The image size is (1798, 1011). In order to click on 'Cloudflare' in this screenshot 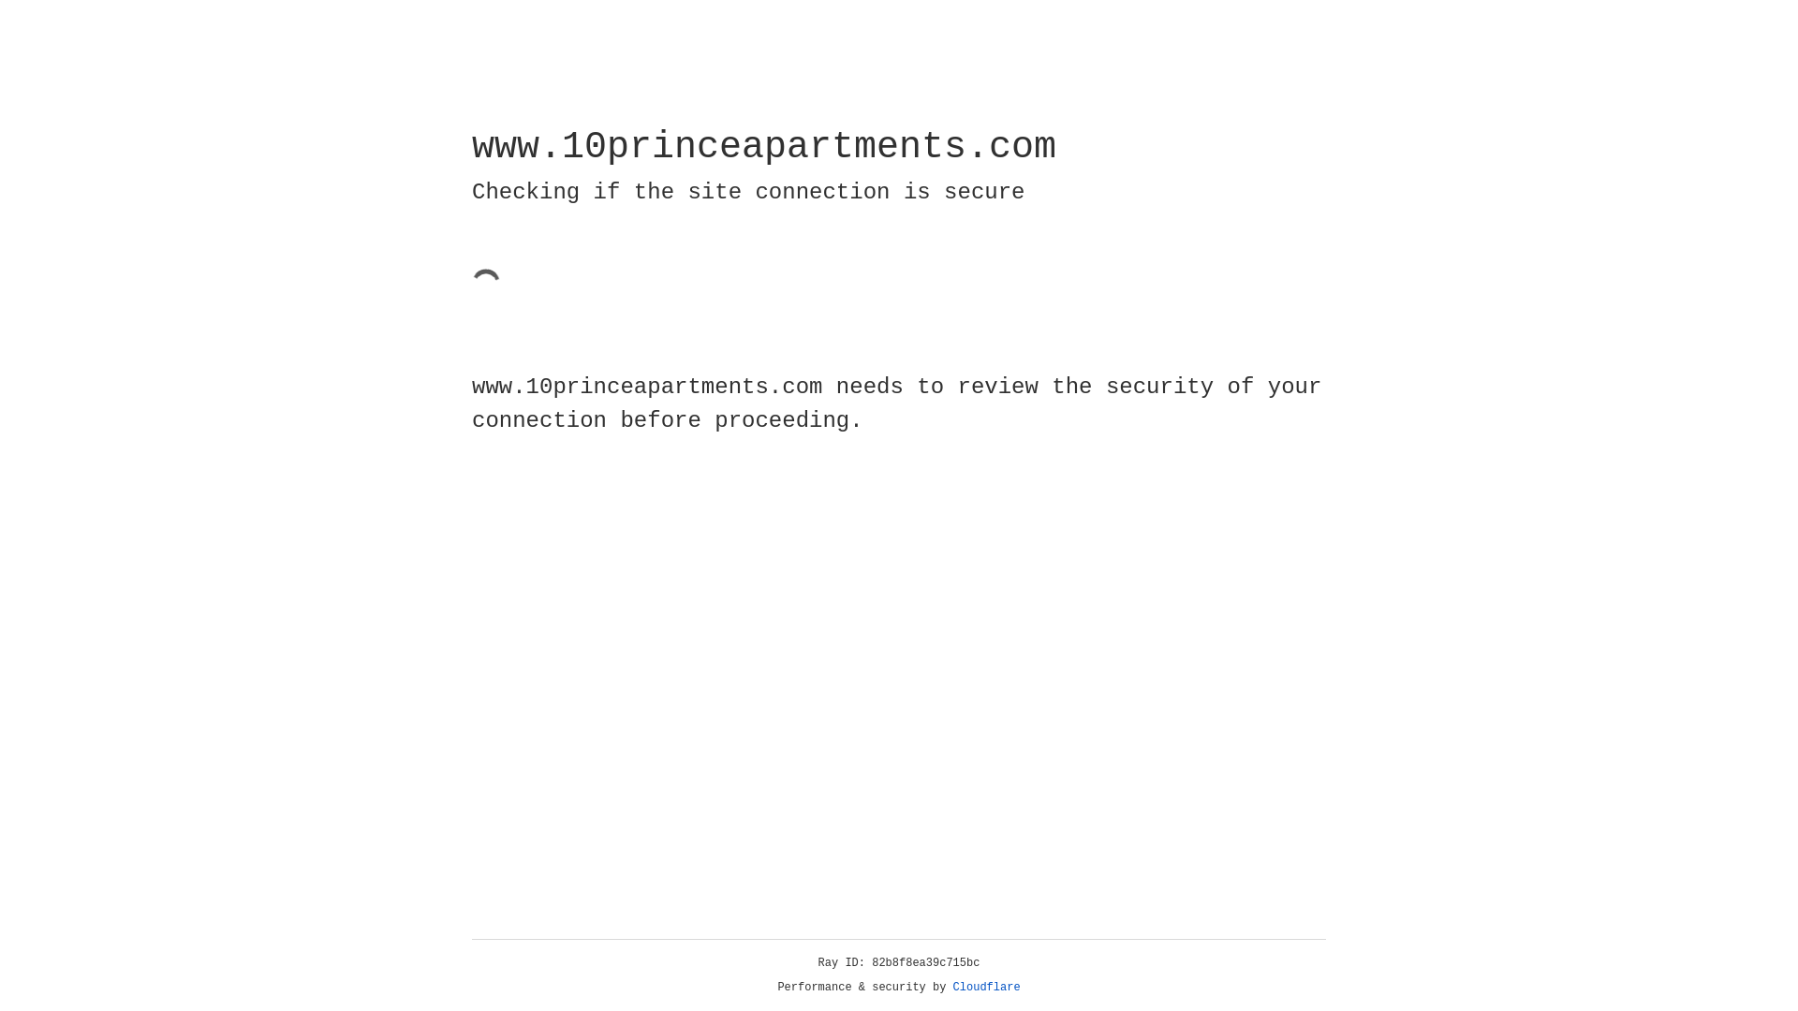, I will do `click(986, 987)`.